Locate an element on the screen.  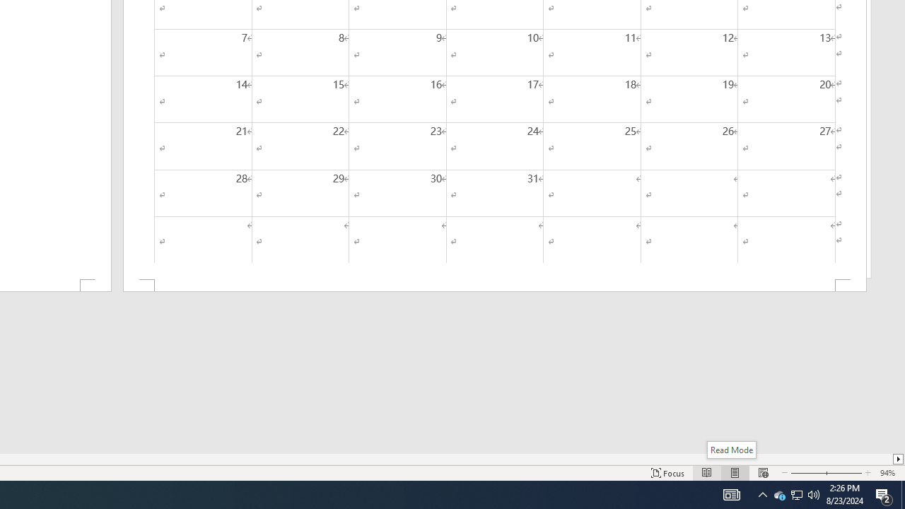
'Read Mode' is located at coordinates (731, 450).